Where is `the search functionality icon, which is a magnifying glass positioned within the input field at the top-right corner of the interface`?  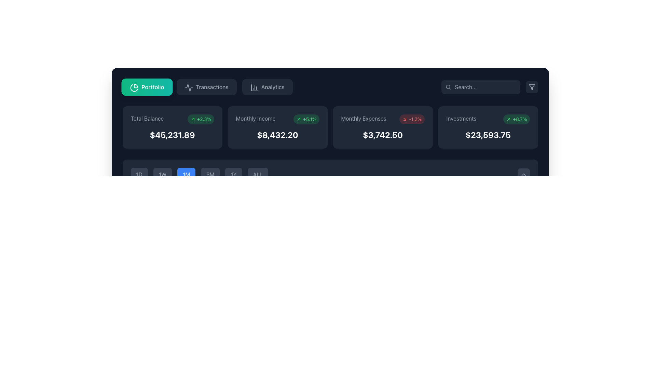
the search functionality icon, which is a magnifying glass positioned within the input field at the top-right corner of the interface is located at coordinates (448, 86).